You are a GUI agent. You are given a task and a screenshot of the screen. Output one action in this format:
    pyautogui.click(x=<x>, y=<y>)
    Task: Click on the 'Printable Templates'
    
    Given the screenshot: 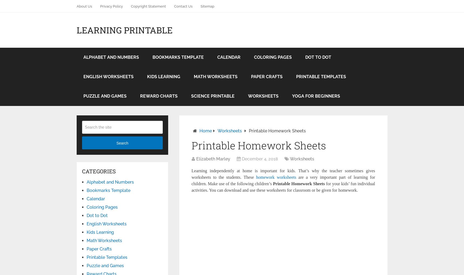 What is the action you would take?
    pyautogui.click(x=107, y=257)
    